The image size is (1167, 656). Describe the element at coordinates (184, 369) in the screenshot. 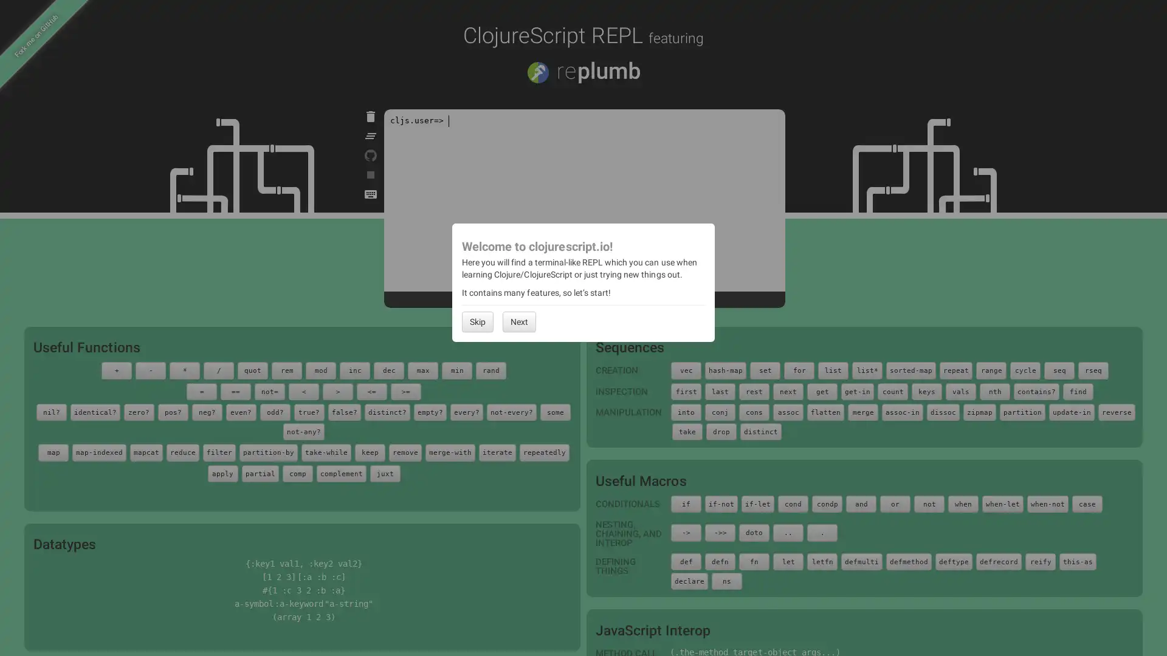

I see `*` at that location.